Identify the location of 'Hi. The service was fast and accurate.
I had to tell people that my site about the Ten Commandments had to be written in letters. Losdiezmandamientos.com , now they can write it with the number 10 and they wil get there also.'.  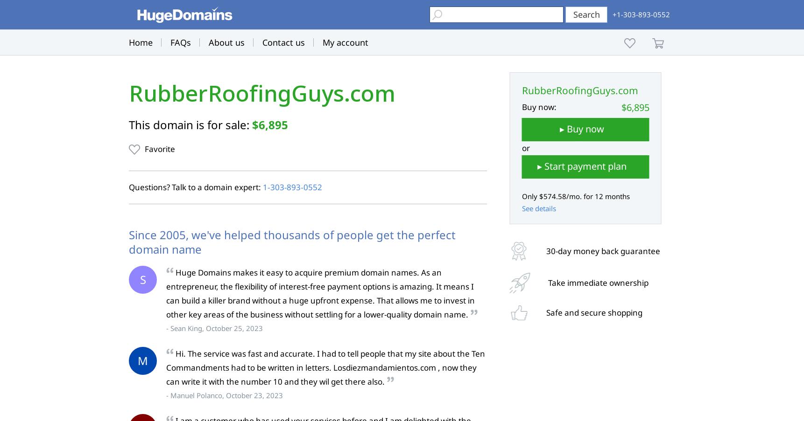
(165, 366).